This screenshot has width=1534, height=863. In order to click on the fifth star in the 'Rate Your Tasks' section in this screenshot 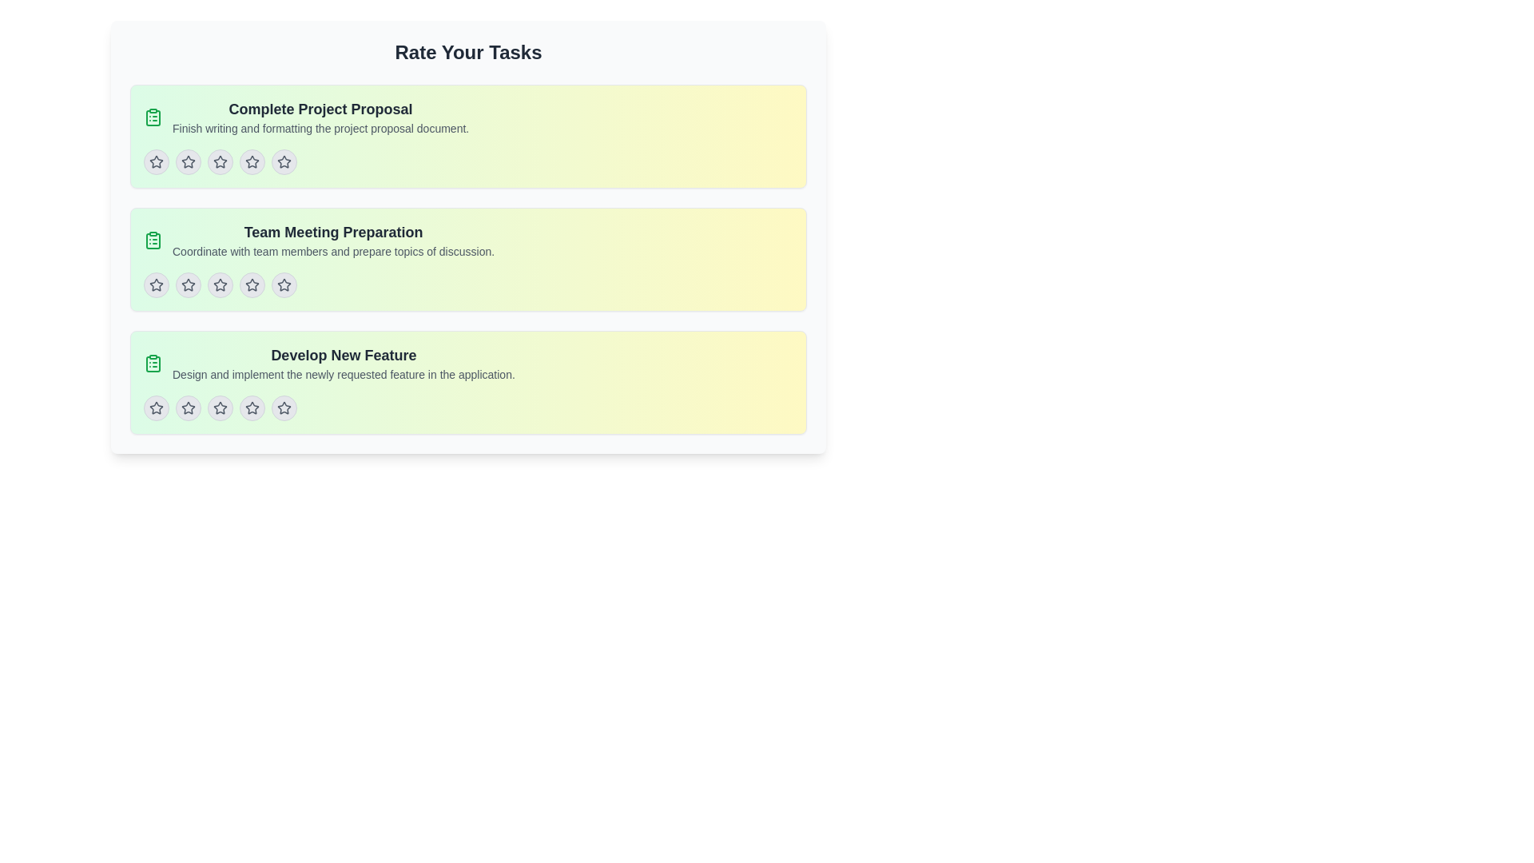, I will do `click(284, 162)`.